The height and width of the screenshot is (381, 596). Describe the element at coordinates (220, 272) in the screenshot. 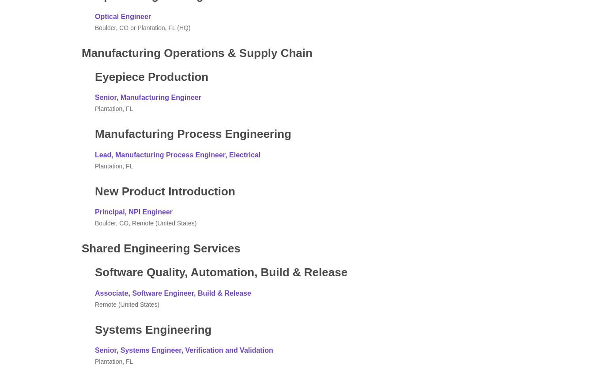

I see `'Software Quality, Automation, Build & Release'` at that location.